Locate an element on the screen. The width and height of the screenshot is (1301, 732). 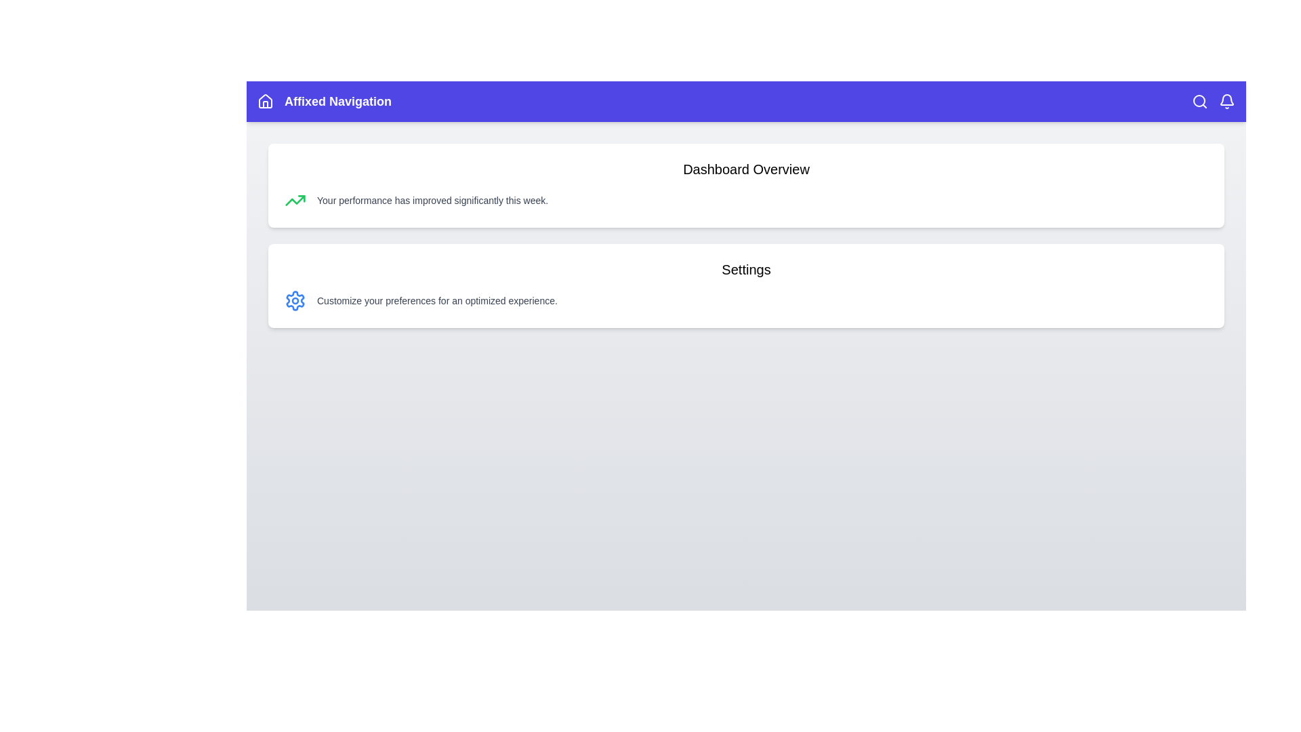
the settings gear icon located to the left of the text 'Customize your preferences for an optimized experience.' is located at coordinates (295, 300).